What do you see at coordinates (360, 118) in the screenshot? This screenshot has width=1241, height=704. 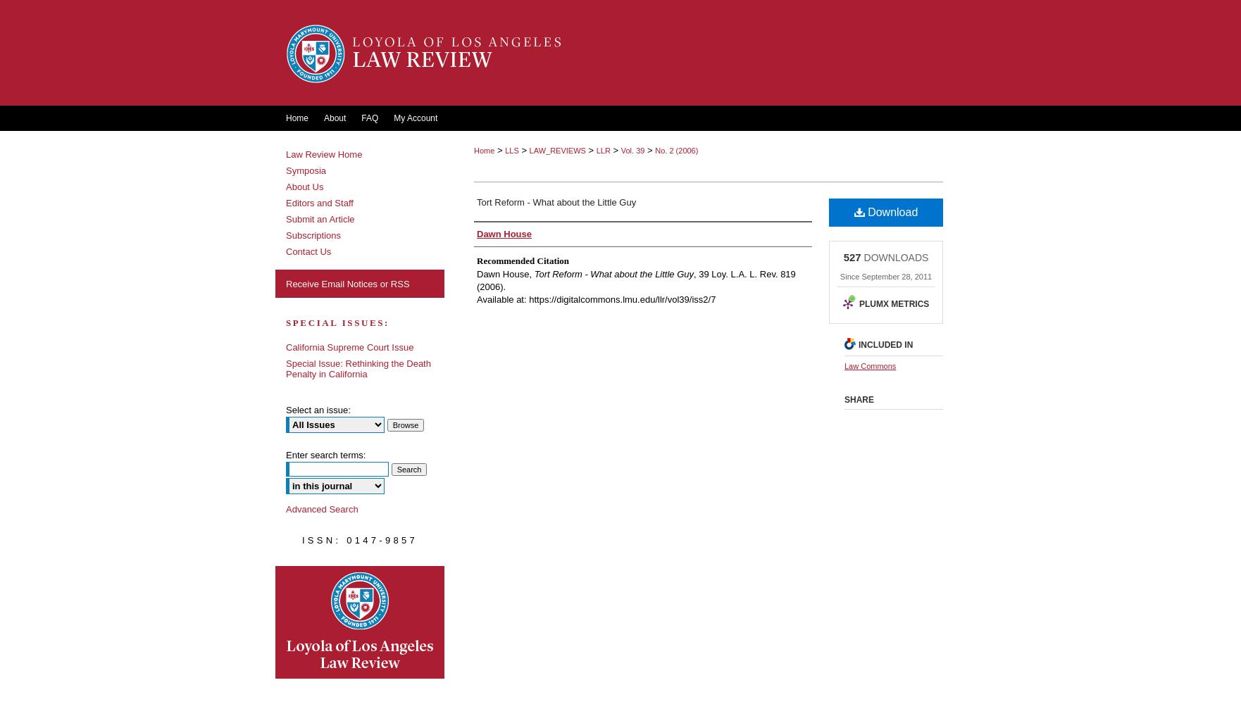 I see `'FAQ'` at bounding box center [360, 118].